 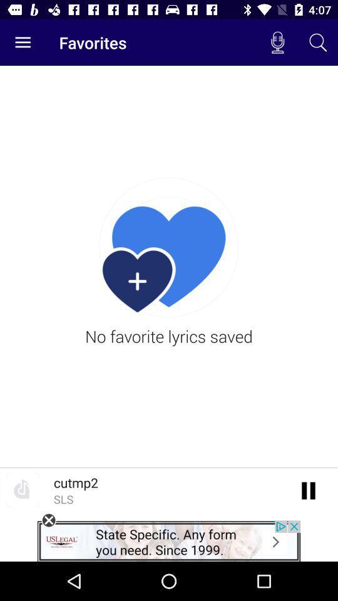 I want to click on pop up, so click(x=48, y=520).